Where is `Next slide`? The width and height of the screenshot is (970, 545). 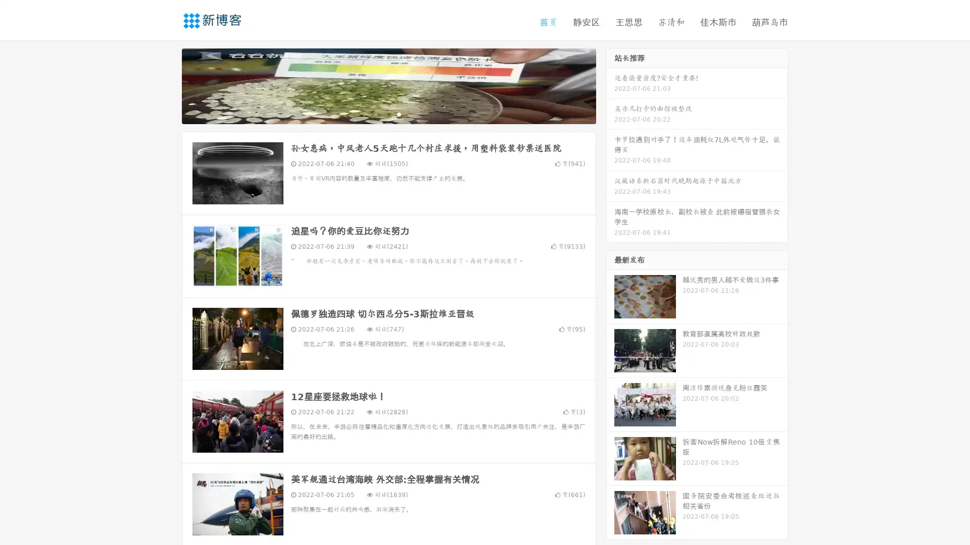
Next slide is located at coordinates (610, 85).